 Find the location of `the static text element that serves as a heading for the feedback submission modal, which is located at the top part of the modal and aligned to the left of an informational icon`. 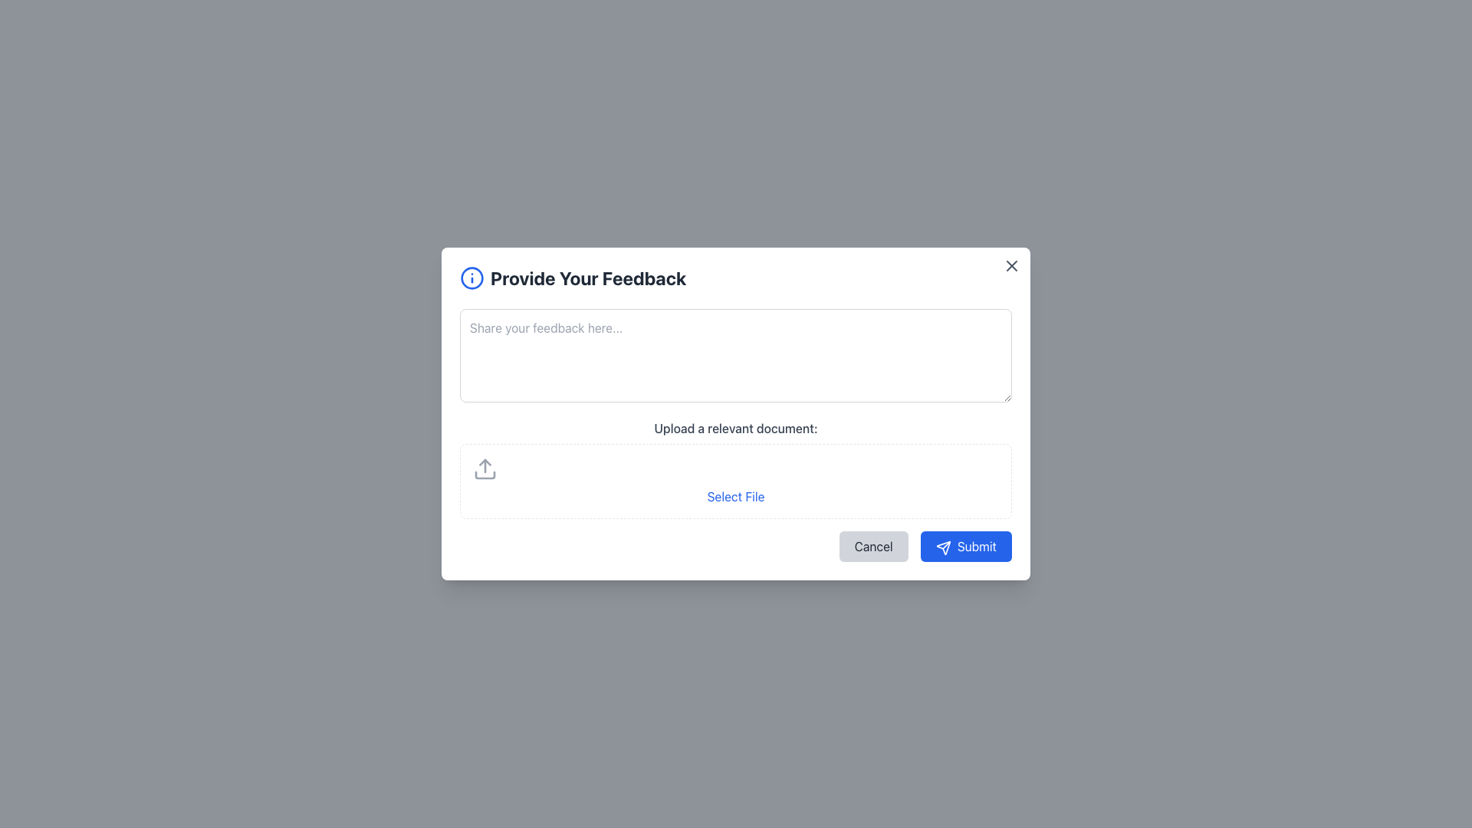

the static text element that serves as a heading for the feedback submission modal, which is located at the top part of the modal and aligned to the left of an informational icon is located at coordinates (587, 278).